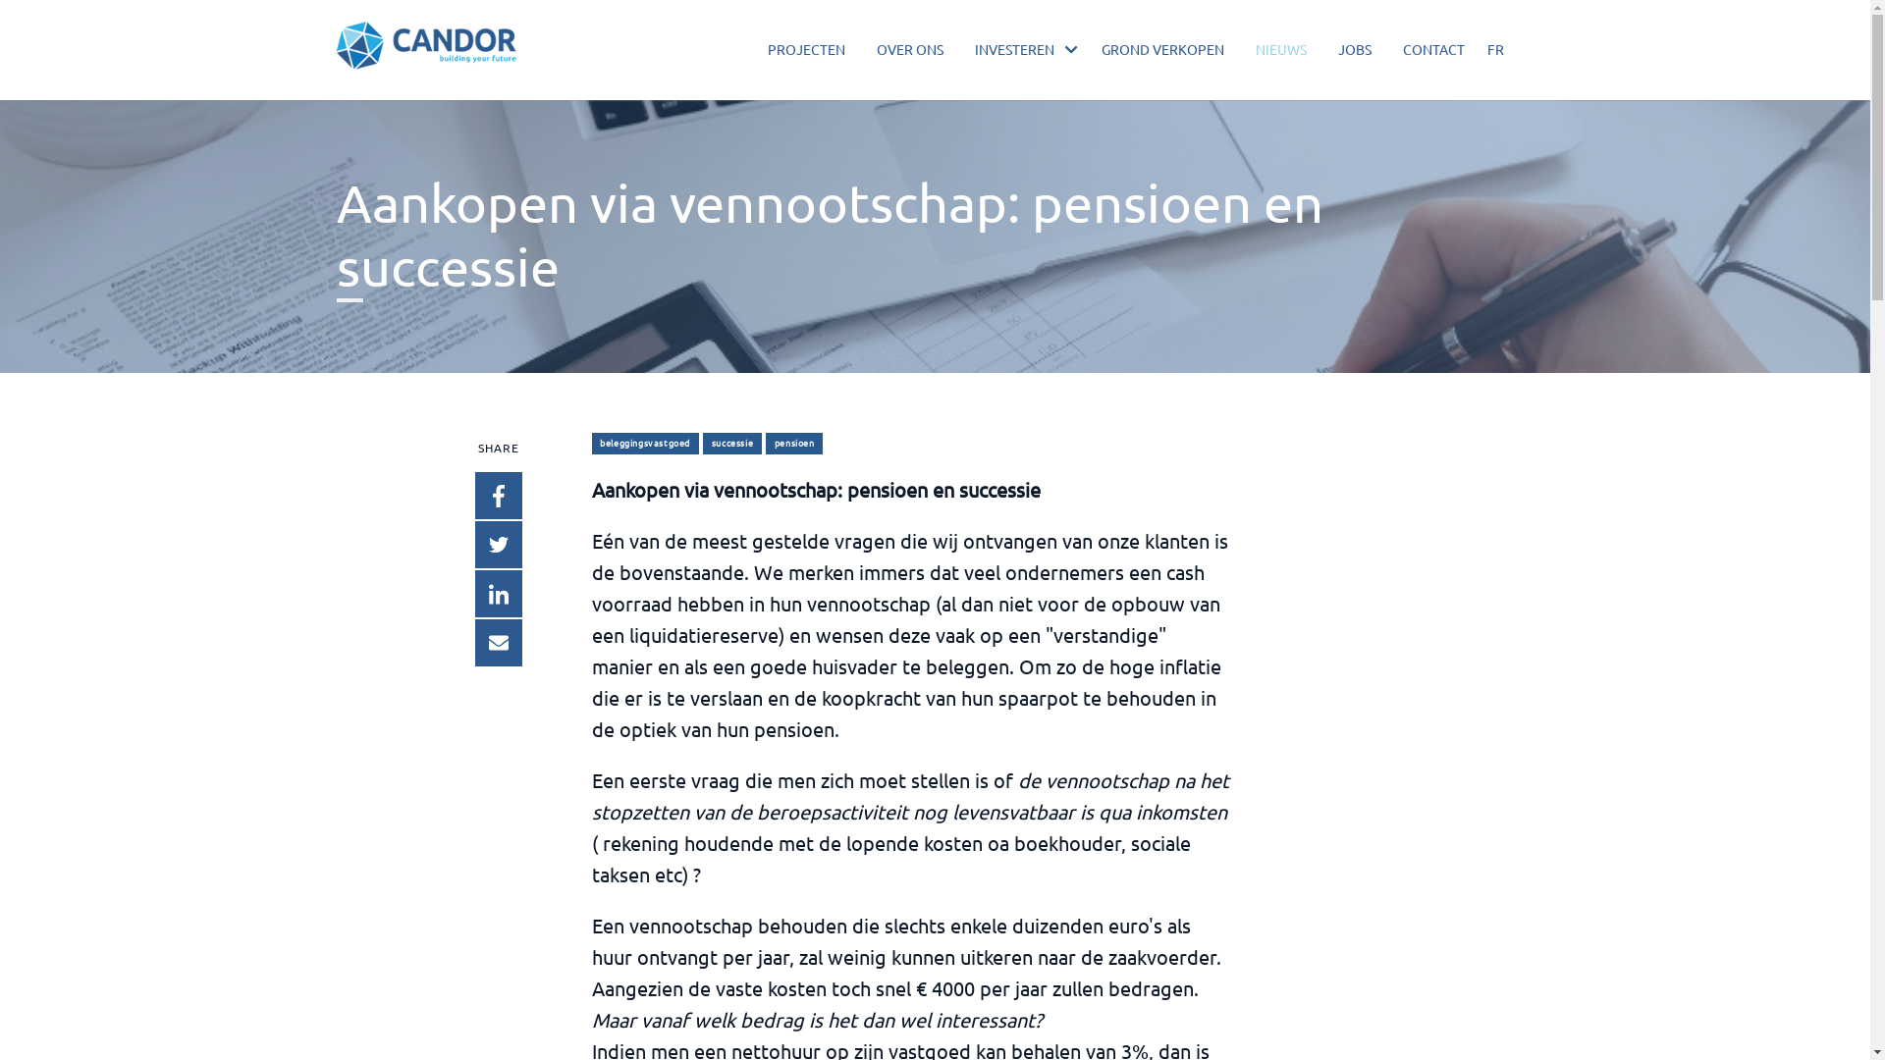 The image size is (1885, 1060). I want to click on 'NIEUWS', so click(1281, 48).